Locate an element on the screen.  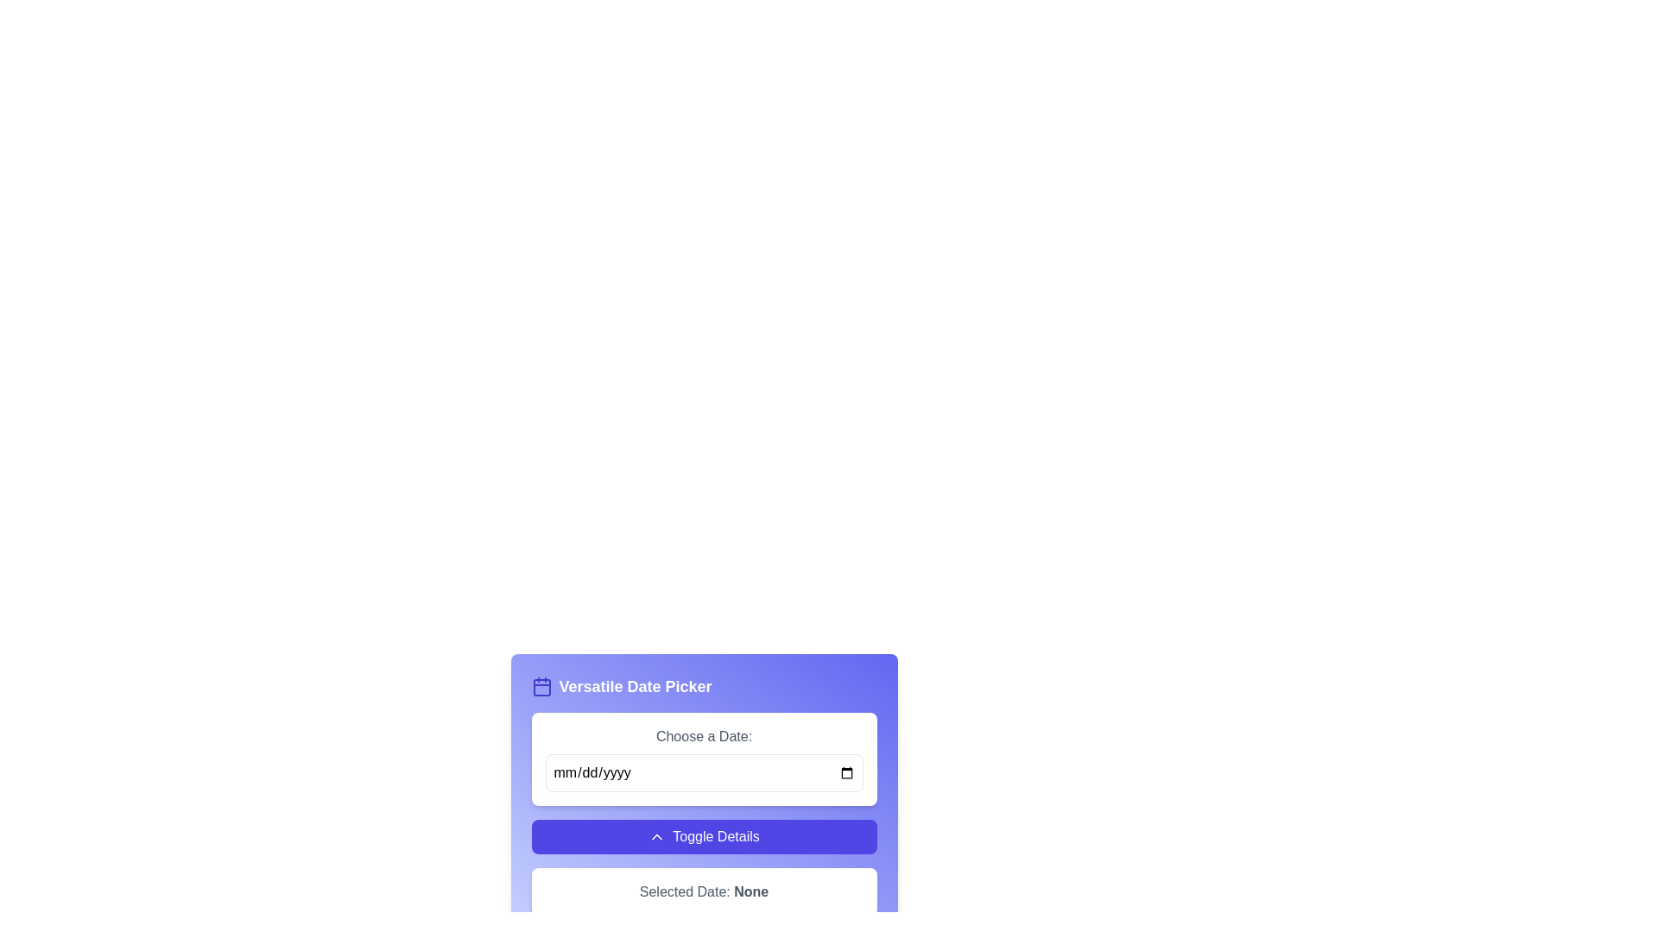
the upward-pointing chevron icon located within the 'Toggle Details' button is located at coordinates (656, 835).